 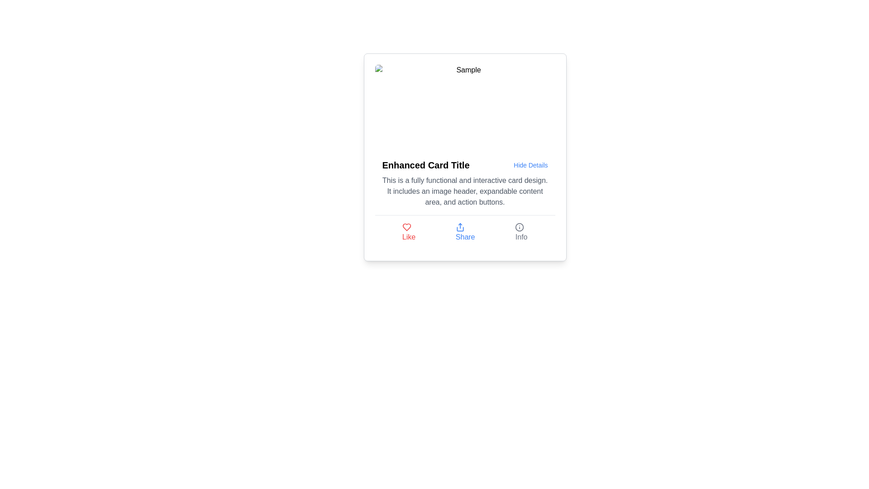 I want to click on the 'Like' button located at the bottom left of the card, so click(x=408, y=232).